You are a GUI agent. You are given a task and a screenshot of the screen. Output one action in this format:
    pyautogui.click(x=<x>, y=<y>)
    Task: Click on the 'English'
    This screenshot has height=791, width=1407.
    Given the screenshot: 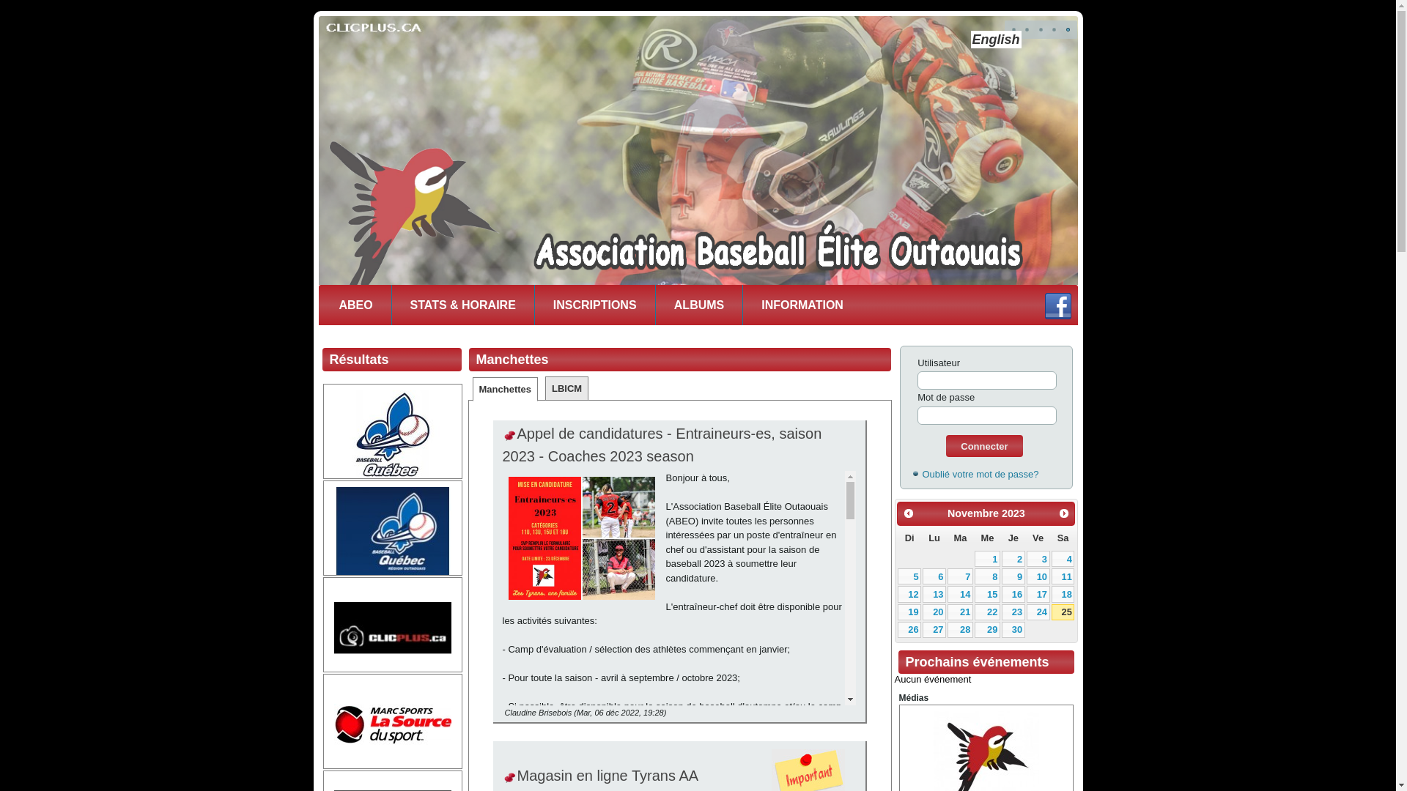 What is the action you would take?
    pyautogui.click(x=995, y=39)
    